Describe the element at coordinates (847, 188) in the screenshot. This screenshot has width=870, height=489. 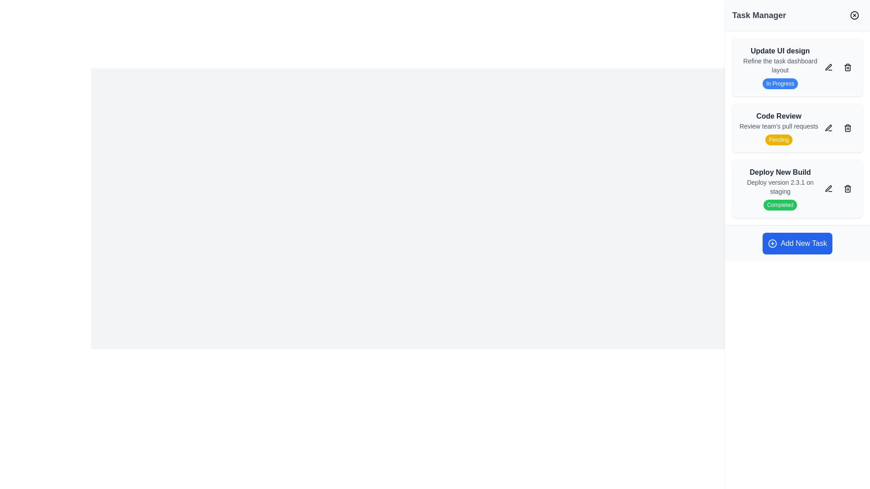
I see `the trash bin button in the 'Deploy New Build' task card within the 'Task Manager' panel` at that location.